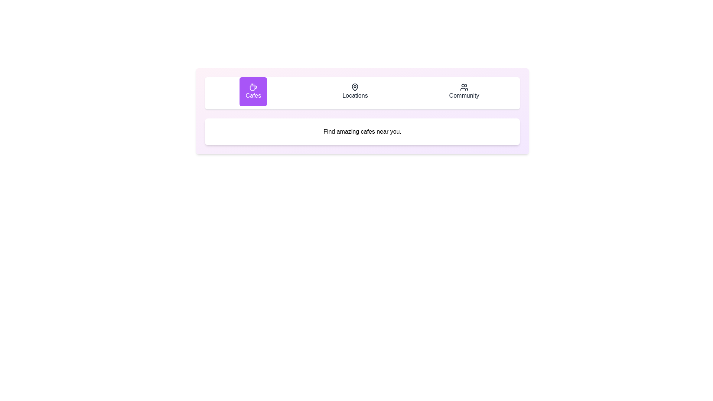  I want to click on the button located in the upper-central region of the interface, positioned second from the left among three sibling elements, so click(355, 91).